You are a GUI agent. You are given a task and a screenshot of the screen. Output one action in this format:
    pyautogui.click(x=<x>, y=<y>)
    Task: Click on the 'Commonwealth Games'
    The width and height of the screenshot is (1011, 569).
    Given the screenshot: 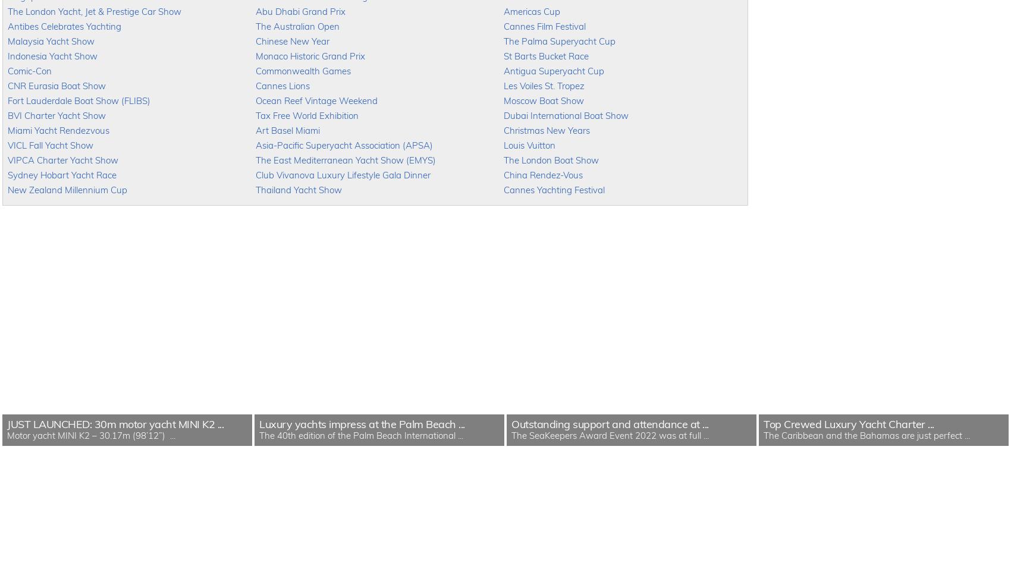 What is the action you would take?
    pyautogui.click(x=303, y=71)
    